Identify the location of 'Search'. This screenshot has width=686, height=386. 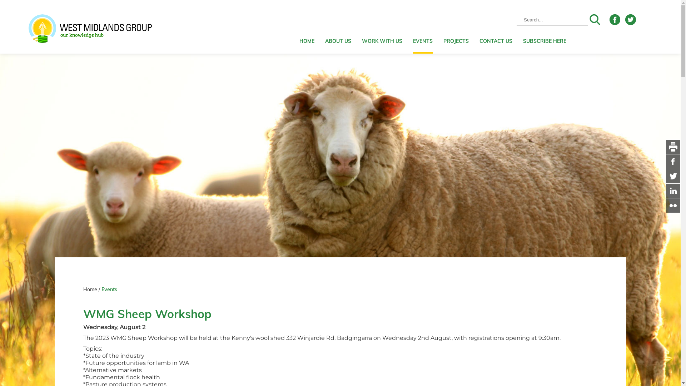
(595, 19).